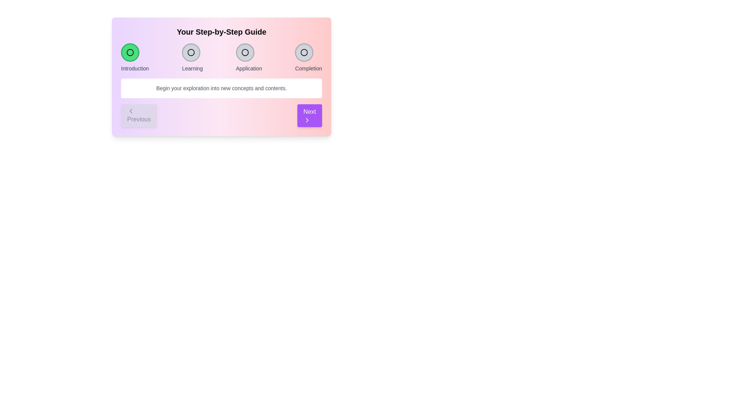  What do you see at coordinates (245, 52) in the screenshot?
I see `the center of the third circular SVG icon in the horizontal step menu` at bounding box center [245, 52].